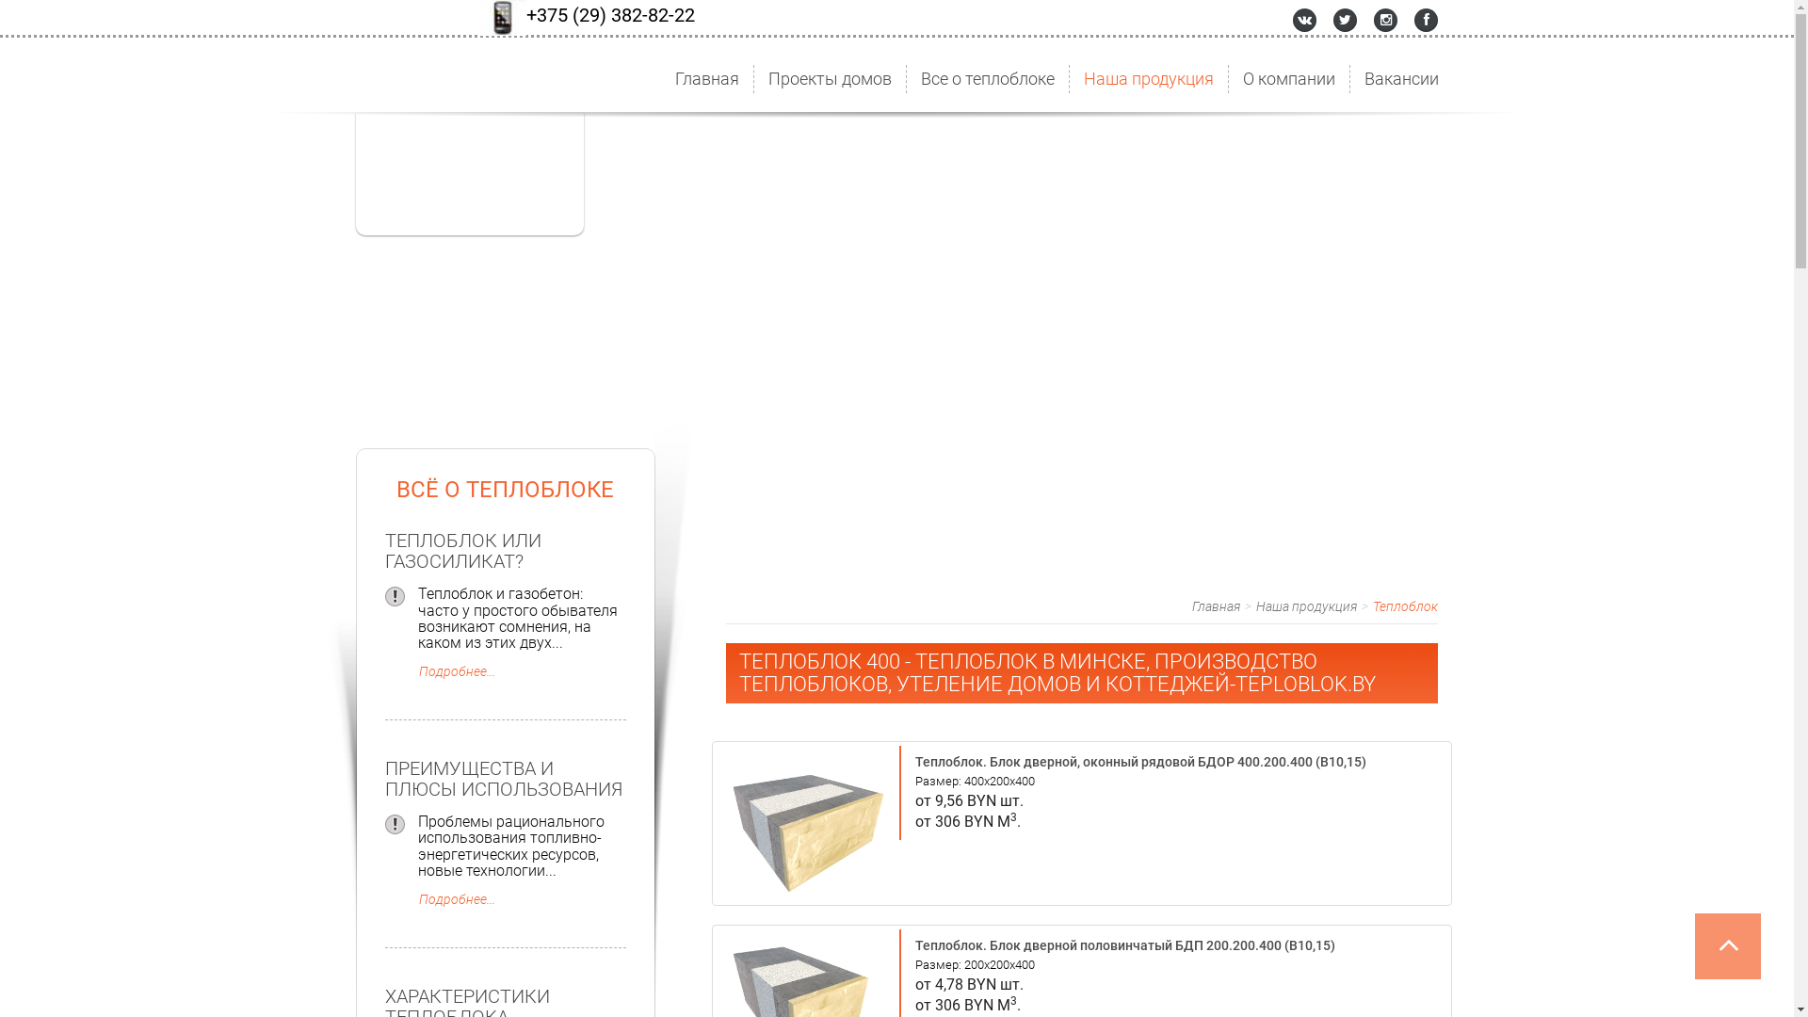 The width and height of the screenshot is (1808, 1017). Describe the element at coordinates (1344, 19) in the screenshot. I see `'Twitter'` at that location.